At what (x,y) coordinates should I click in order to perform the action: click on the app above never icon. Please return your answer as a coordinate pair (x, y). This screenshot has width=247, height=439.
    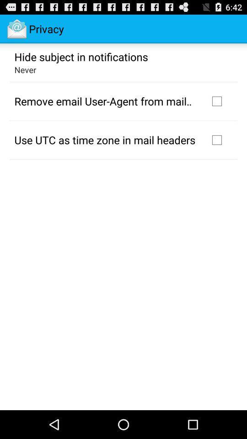
    Looking at the image, I should click on (81, 56).